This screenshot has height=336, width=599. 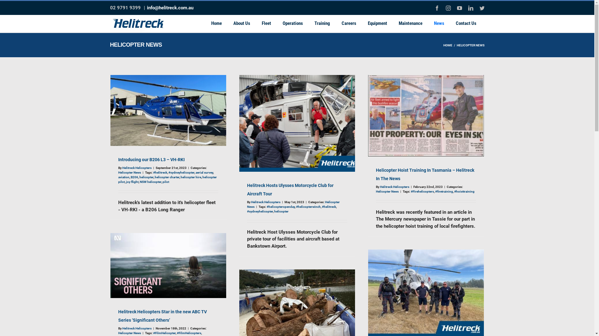 I want to click on 'HOME', so click(x=447, y=45).